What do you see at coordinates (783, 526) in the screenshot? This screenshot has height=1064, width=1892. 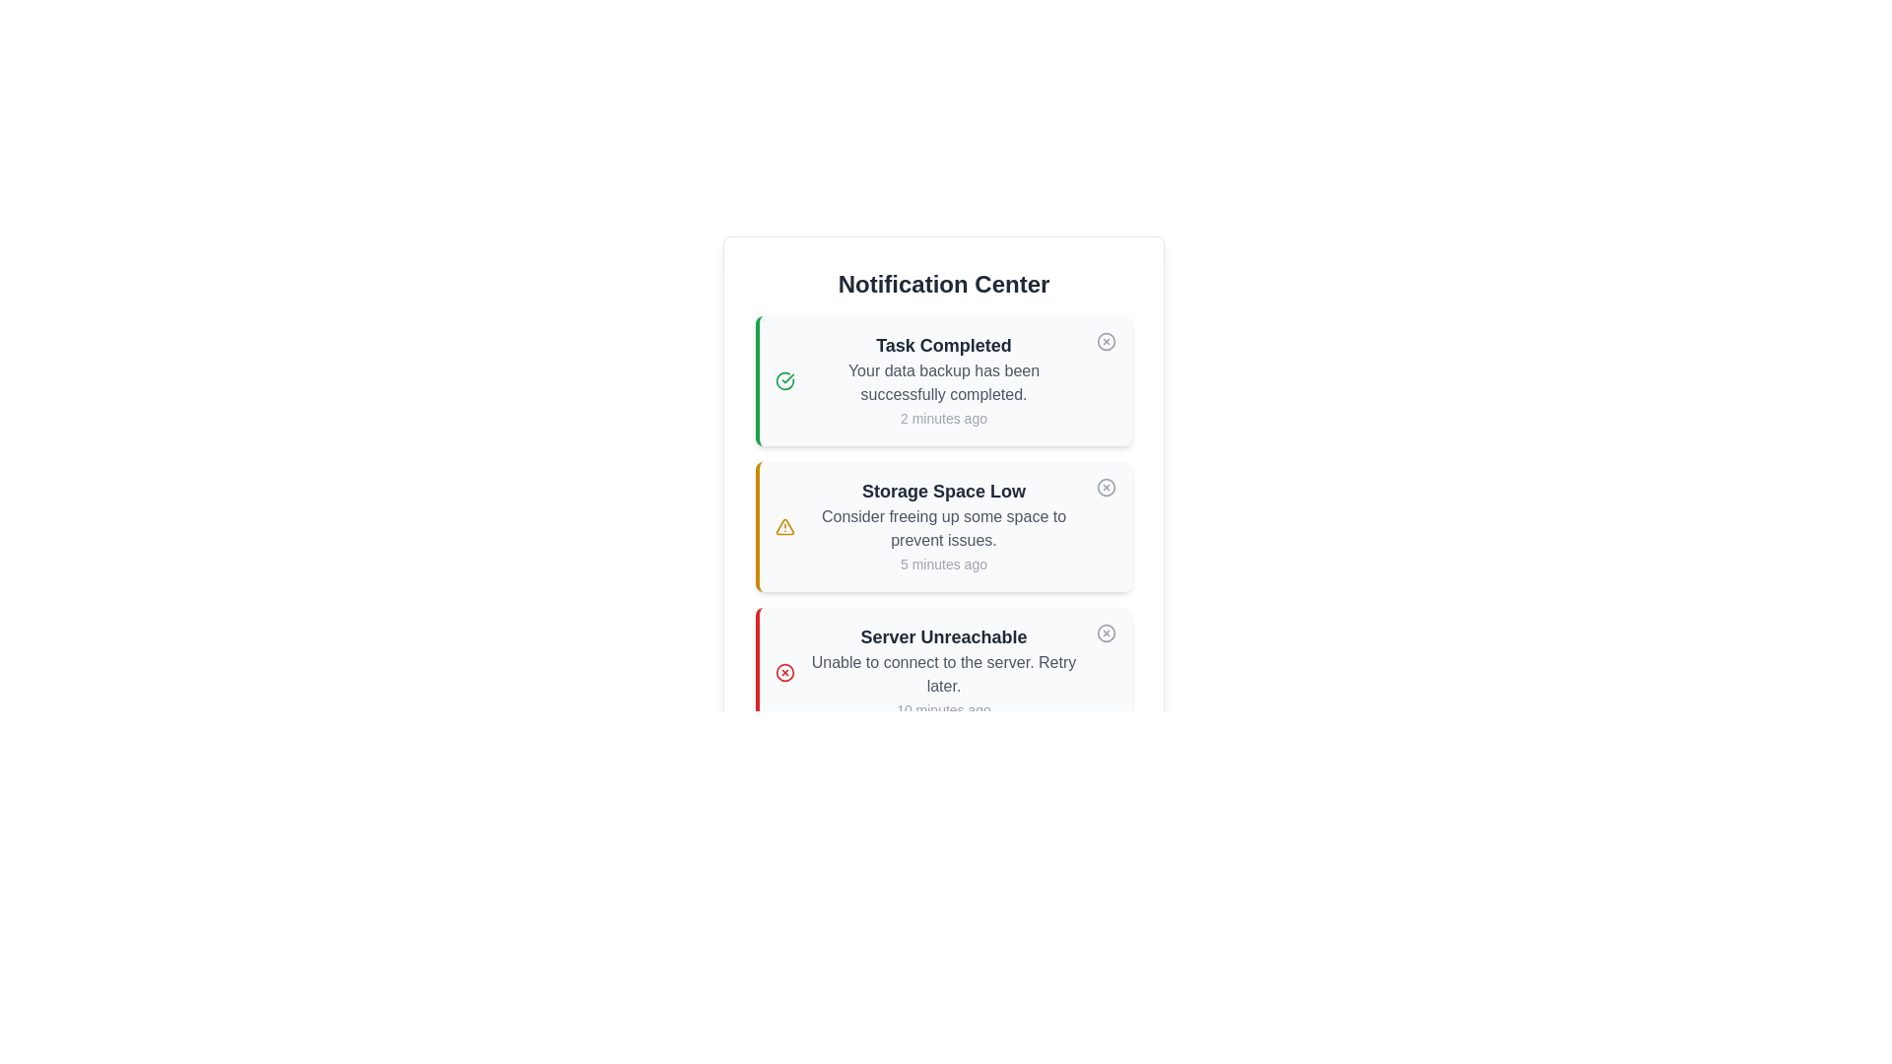 I see `the triangular icon with a yellow outline and a warning sign inside, which is located to the left of the 'Storage Space Low' text block` at bounding box center [783, 526].